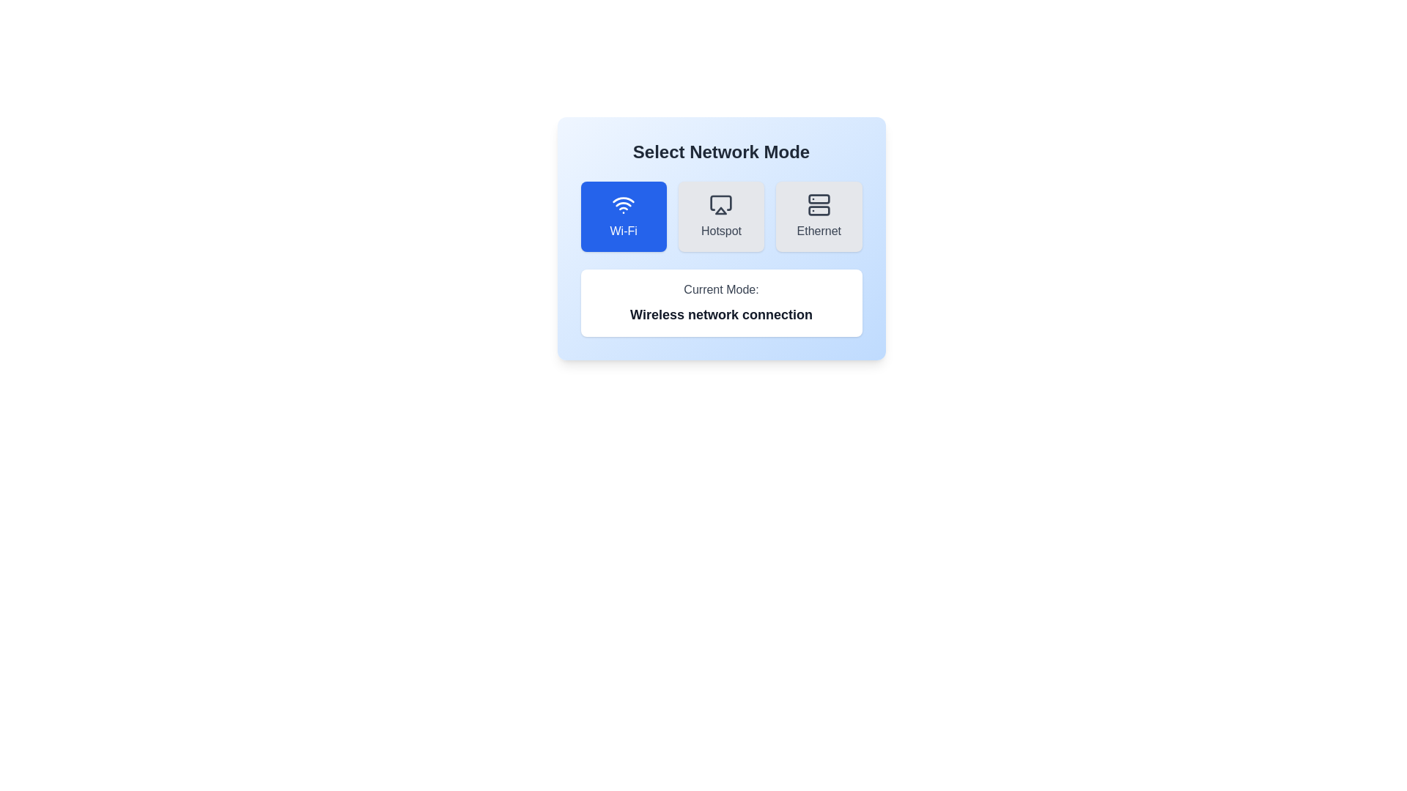 The height and width of the screenshot is (791, 1407). I want to click on the network mode by clicking on the corresponding button for Ethernet, so click(818, 217).